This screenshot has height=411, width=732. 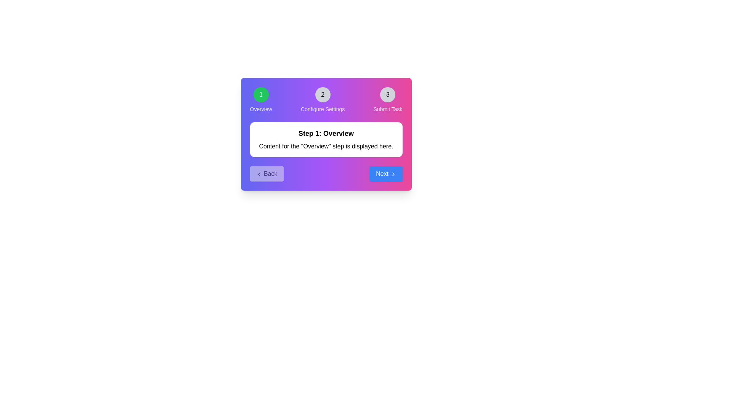 I want to click on the Next button to navigate the stepper, so click(x=386, y=174).